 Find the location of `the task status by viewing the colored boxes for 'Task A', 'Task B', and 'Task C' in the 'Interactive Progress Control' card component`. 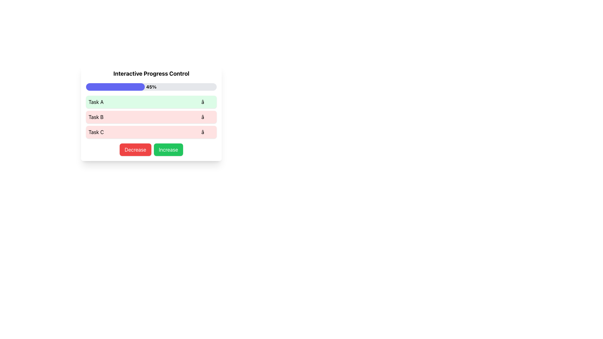

the task status by viewing the colored boxes for 'Task A', 'Task B', and 'Task C' in the 'Interactive Progress Control' card component is located at coordinates (151, 112).